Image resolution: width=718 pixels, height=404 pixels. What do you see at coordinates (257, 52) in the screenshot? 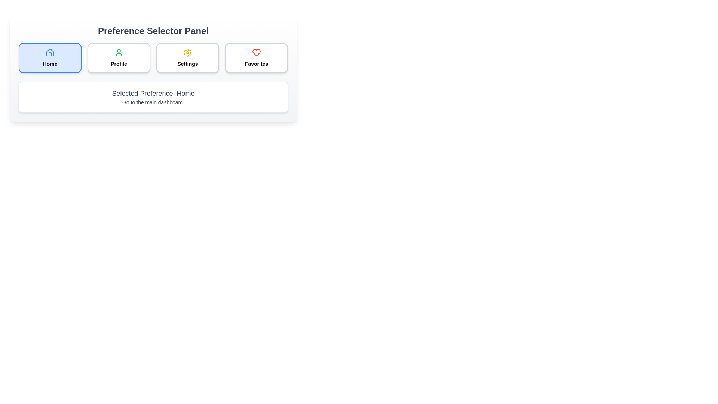
I see `the 'Favorites' icon which is the rightmost option in the row of four preference buttons located under the 'Preference Selector Panel' title to trigger a tooltip or visual effect` at bounding box center [257, 52].